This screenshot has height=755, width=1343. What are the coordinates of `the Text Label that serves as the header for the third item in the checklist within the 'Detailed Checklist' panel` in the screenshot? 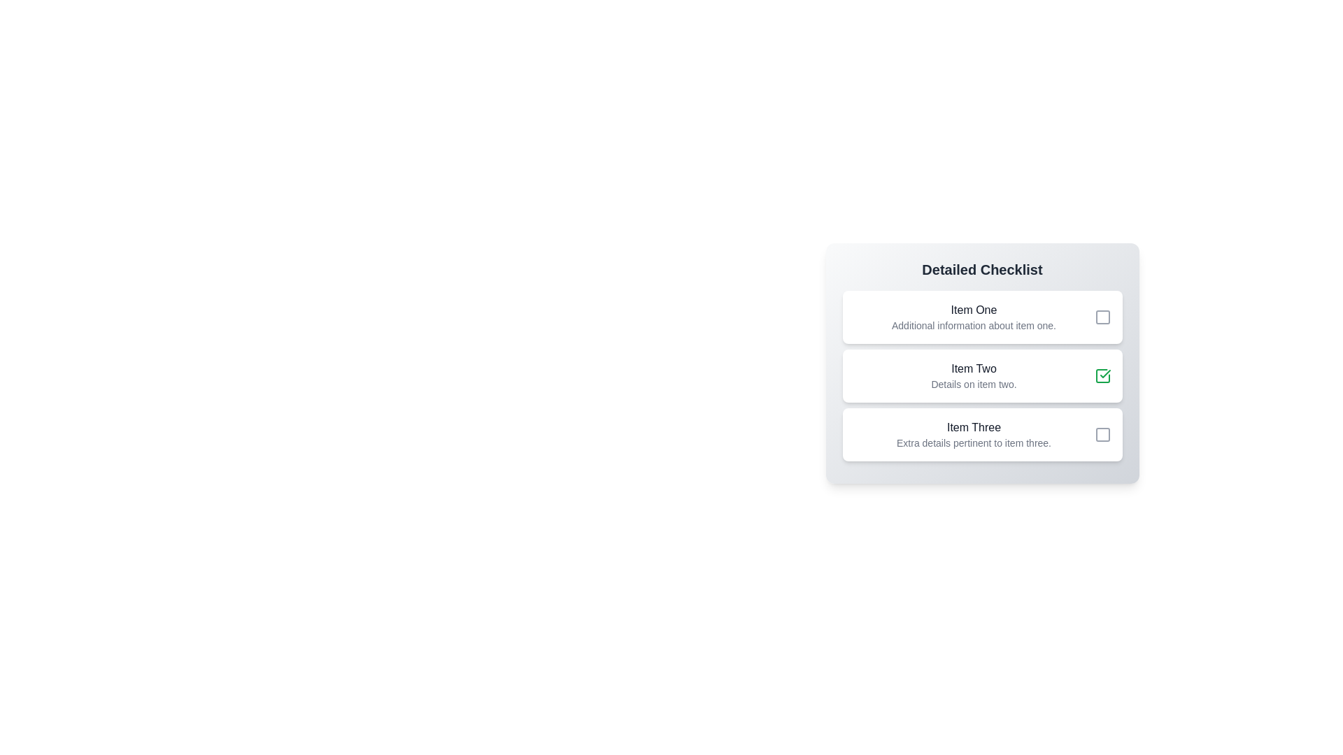 It's located at (973, 427).